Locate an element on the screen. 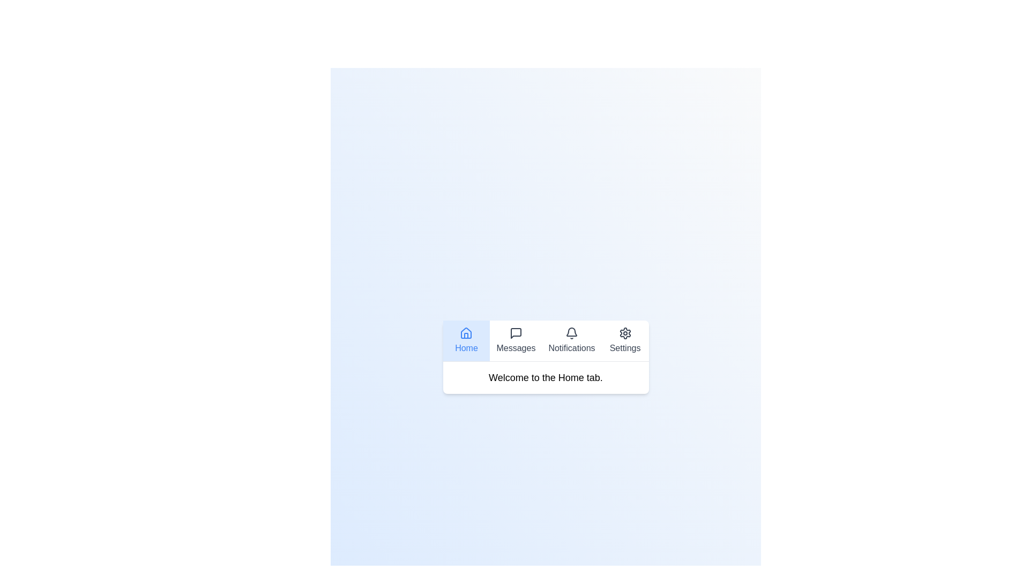 This screenshot has width=1029, height=578. the 'Settings' navigation button, which is the fourth item in the navigation bar is located at coordinates (625, 340).